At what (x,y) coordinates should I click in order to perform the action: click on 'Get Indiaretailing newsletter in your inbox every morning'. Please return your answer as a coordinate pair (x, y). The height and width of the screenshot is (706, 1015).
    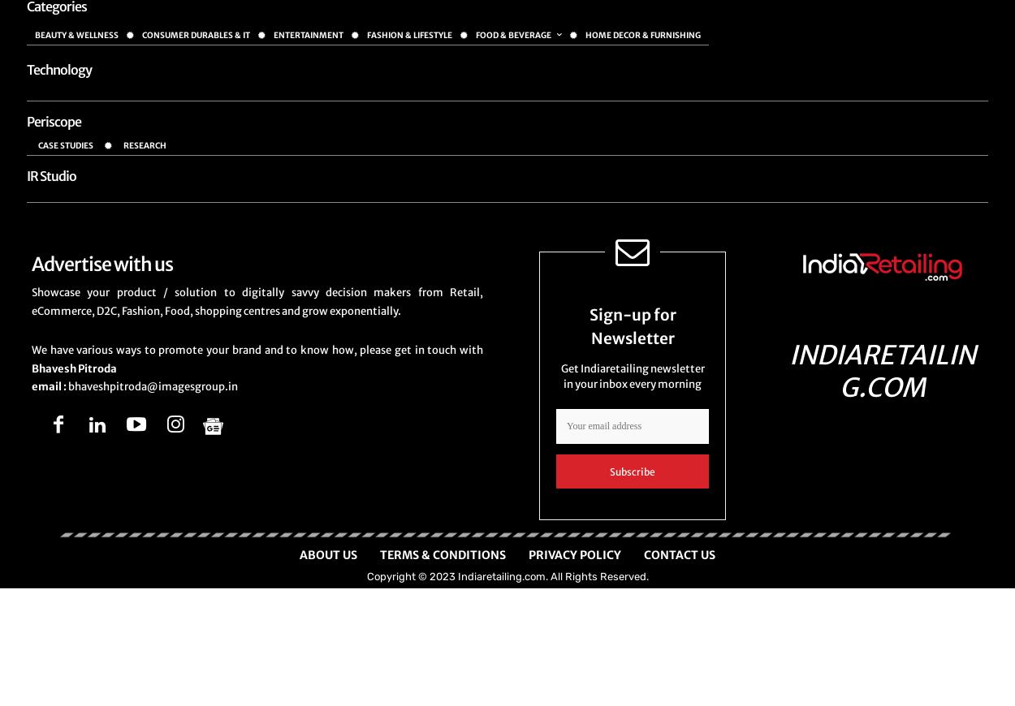
    Looking at the image, I should click on (632, 375).